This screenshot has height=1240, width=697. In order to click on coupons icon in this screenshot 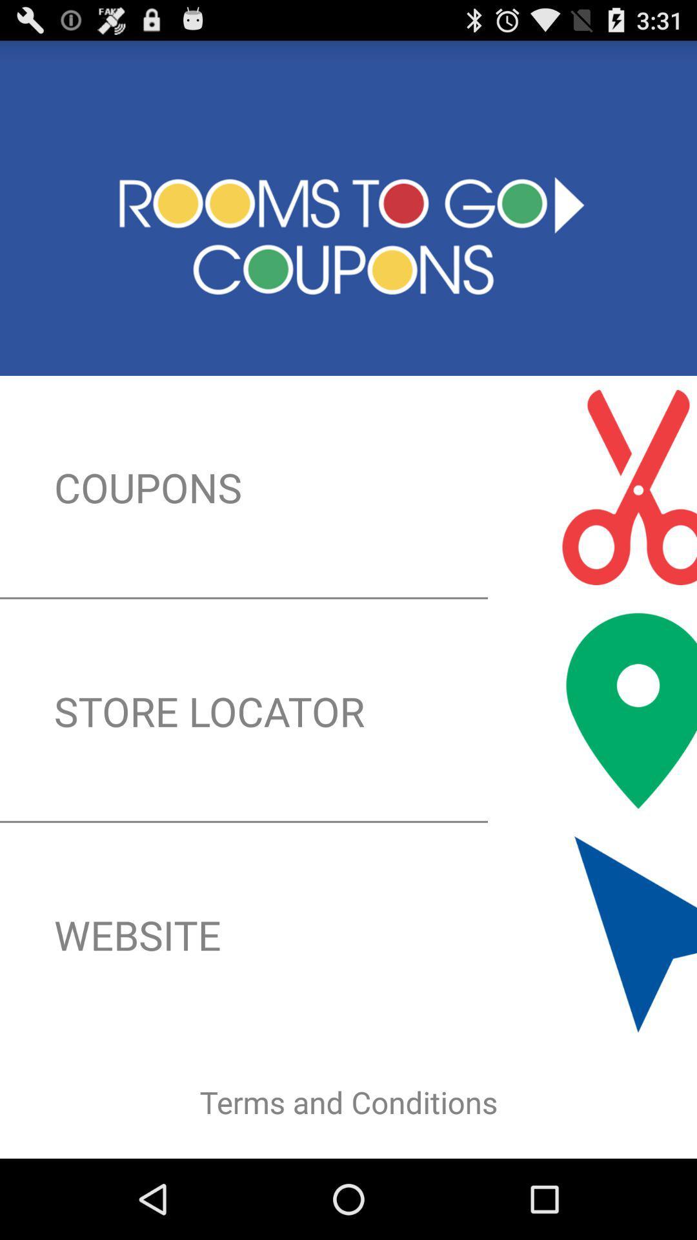, I will do `click(348, 486)`.